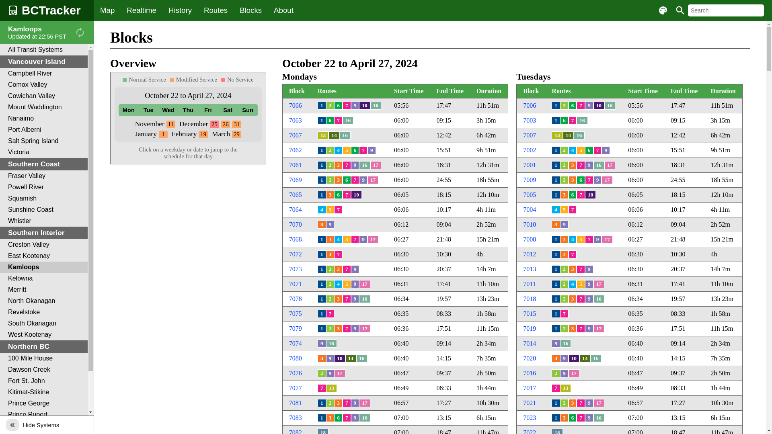  I want to click on 'Creston Valley', so click(43, 244).